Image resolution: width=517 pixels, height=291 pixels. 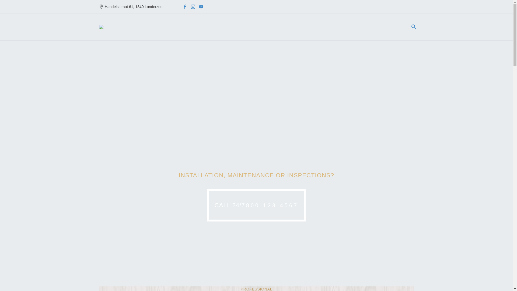 I want to click on 'Facebook', so click(x=185, y=6).